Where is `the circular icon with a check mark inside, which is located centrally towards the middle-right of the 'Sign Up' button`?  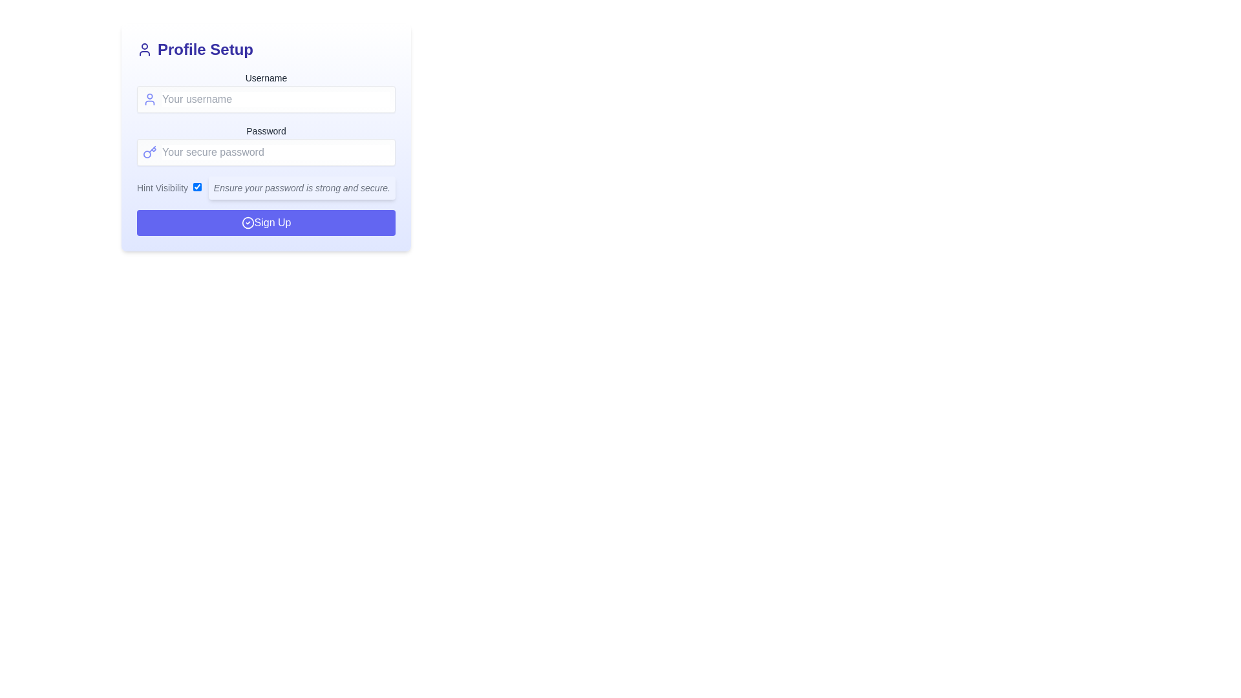 the circular icon with a check mark inside, which is located centrally towards the middle-right of the 'Sign Up' button is located at coordinates (248, 222).